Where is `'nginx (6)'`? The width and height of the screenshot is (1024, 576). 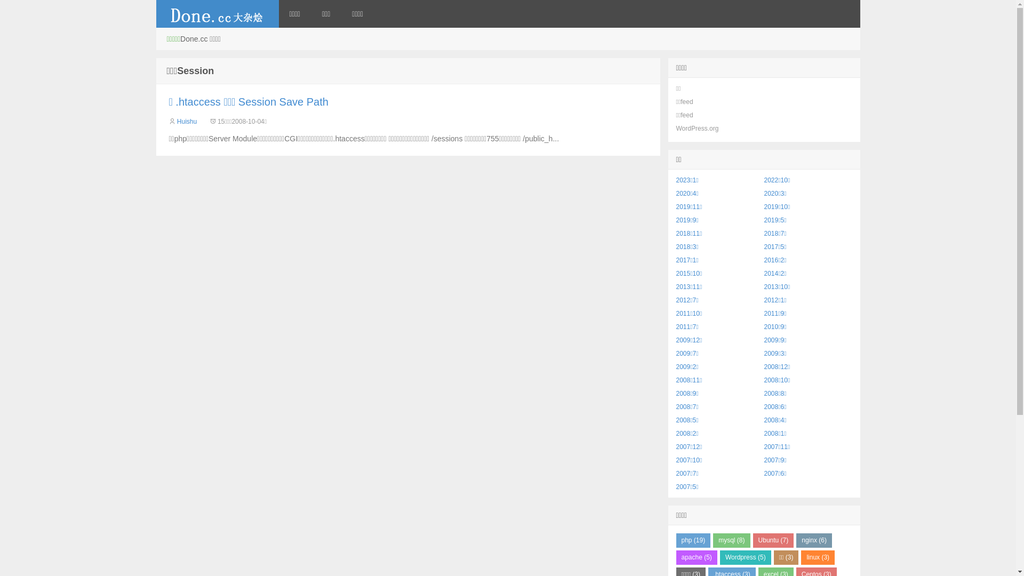 'nginx (6)' is located at coordinates (813, 540).